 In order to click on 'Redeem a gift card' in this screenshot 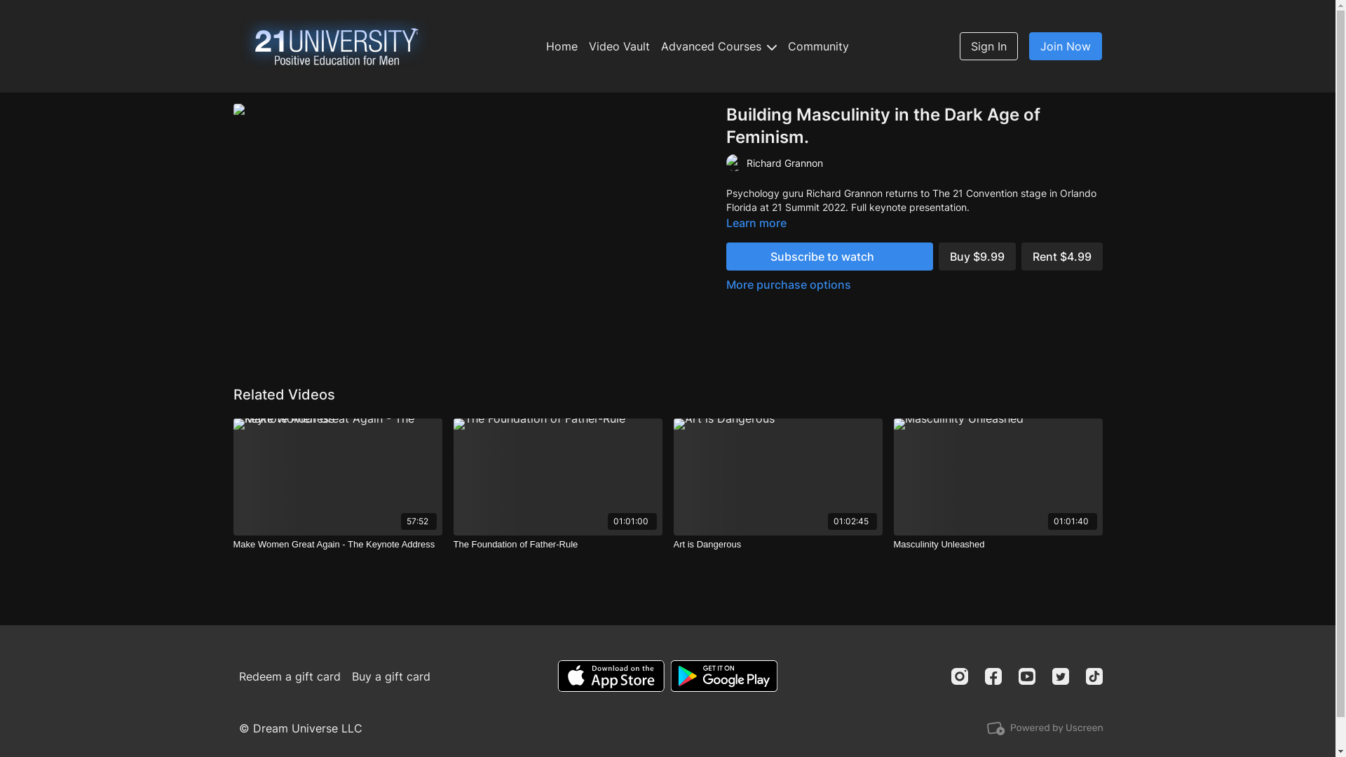, I will do `click(289, 675)`.